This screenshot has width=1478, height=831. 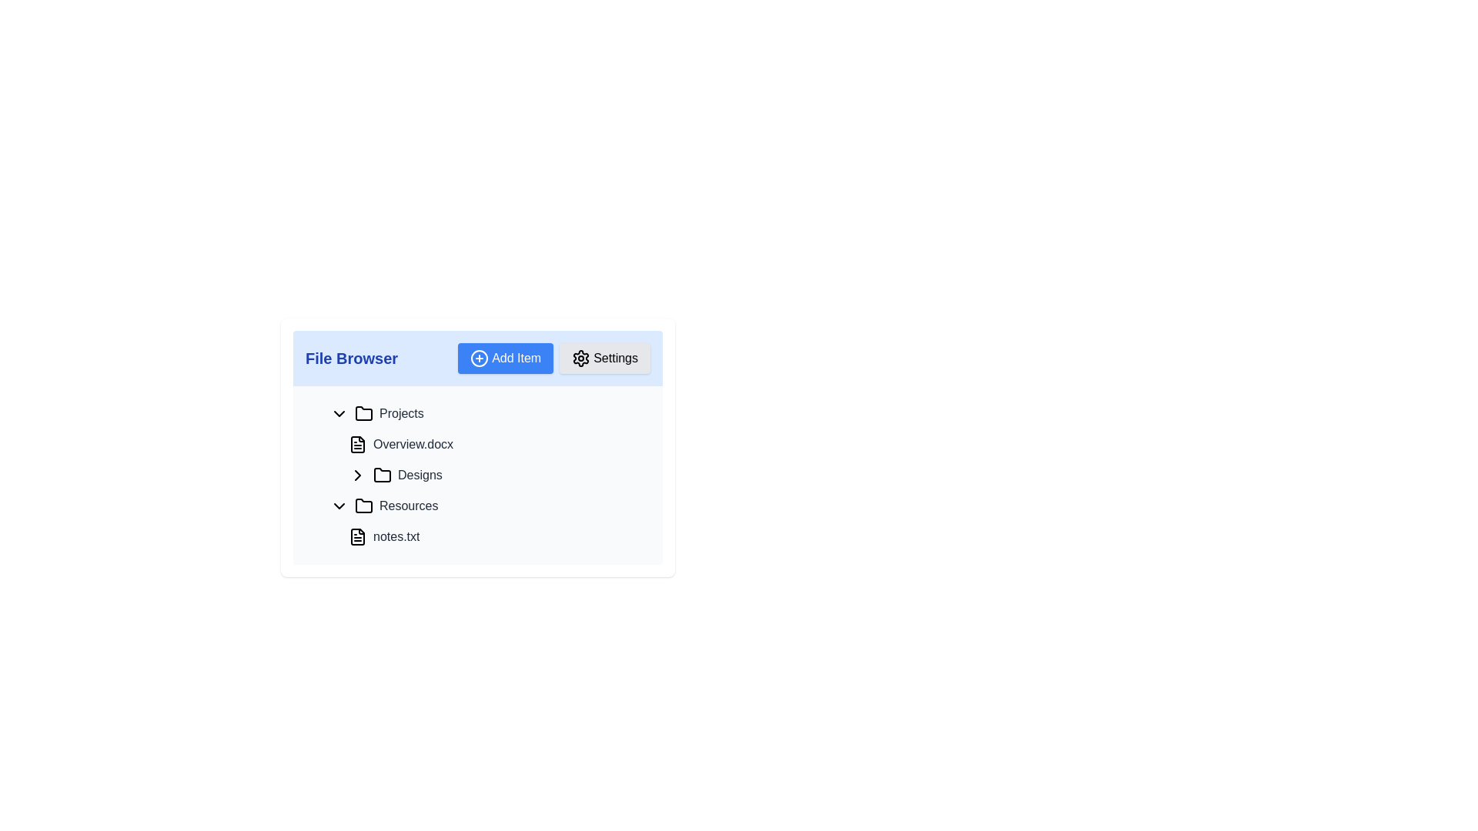 I want to click on text label for the folder named 'Projects' located to the right of the folder icon in the file browser, so click(x=401, y=412).